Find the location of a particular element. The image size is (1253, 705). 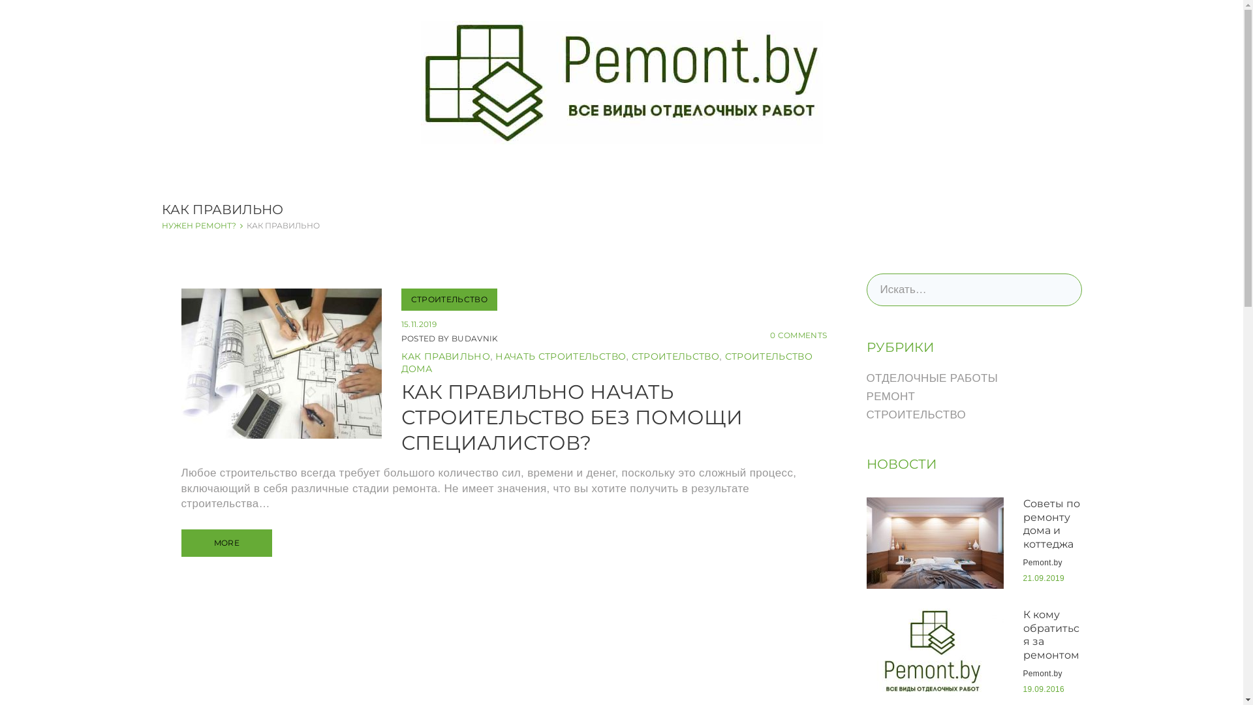

'21.09.2019' is located at coordinates (1043, 578).